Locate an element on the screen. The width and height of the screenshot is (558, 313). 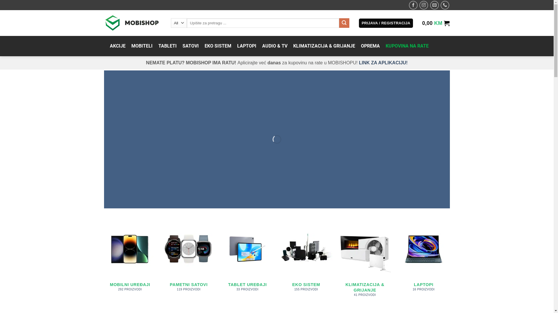
'Call us' is located at coordinates (445, 5).